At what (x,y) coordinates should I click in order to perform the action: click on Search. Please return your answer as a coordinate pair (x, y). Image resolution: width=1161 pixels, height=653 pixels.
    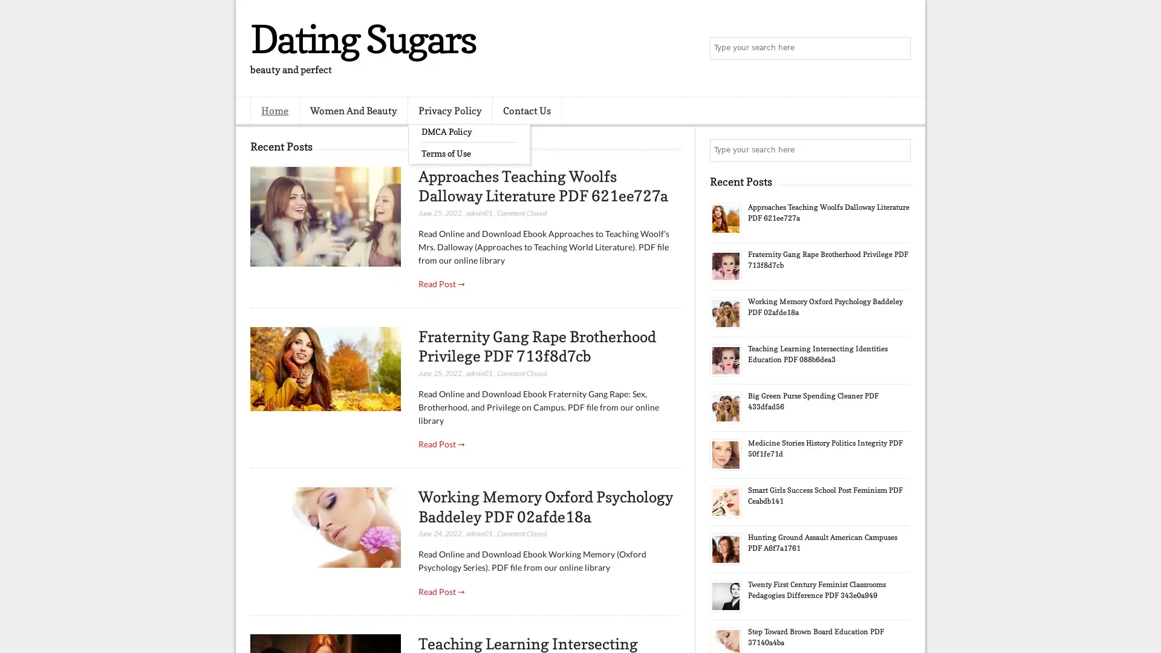
    Looking at the image, I should click on (898, 150).